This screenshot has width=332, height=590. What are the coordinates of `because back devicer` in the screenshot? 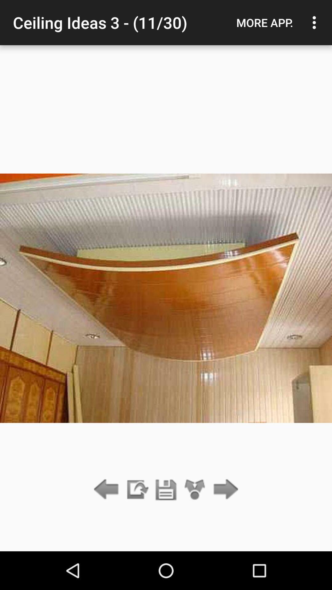 It's located at (224, 490).